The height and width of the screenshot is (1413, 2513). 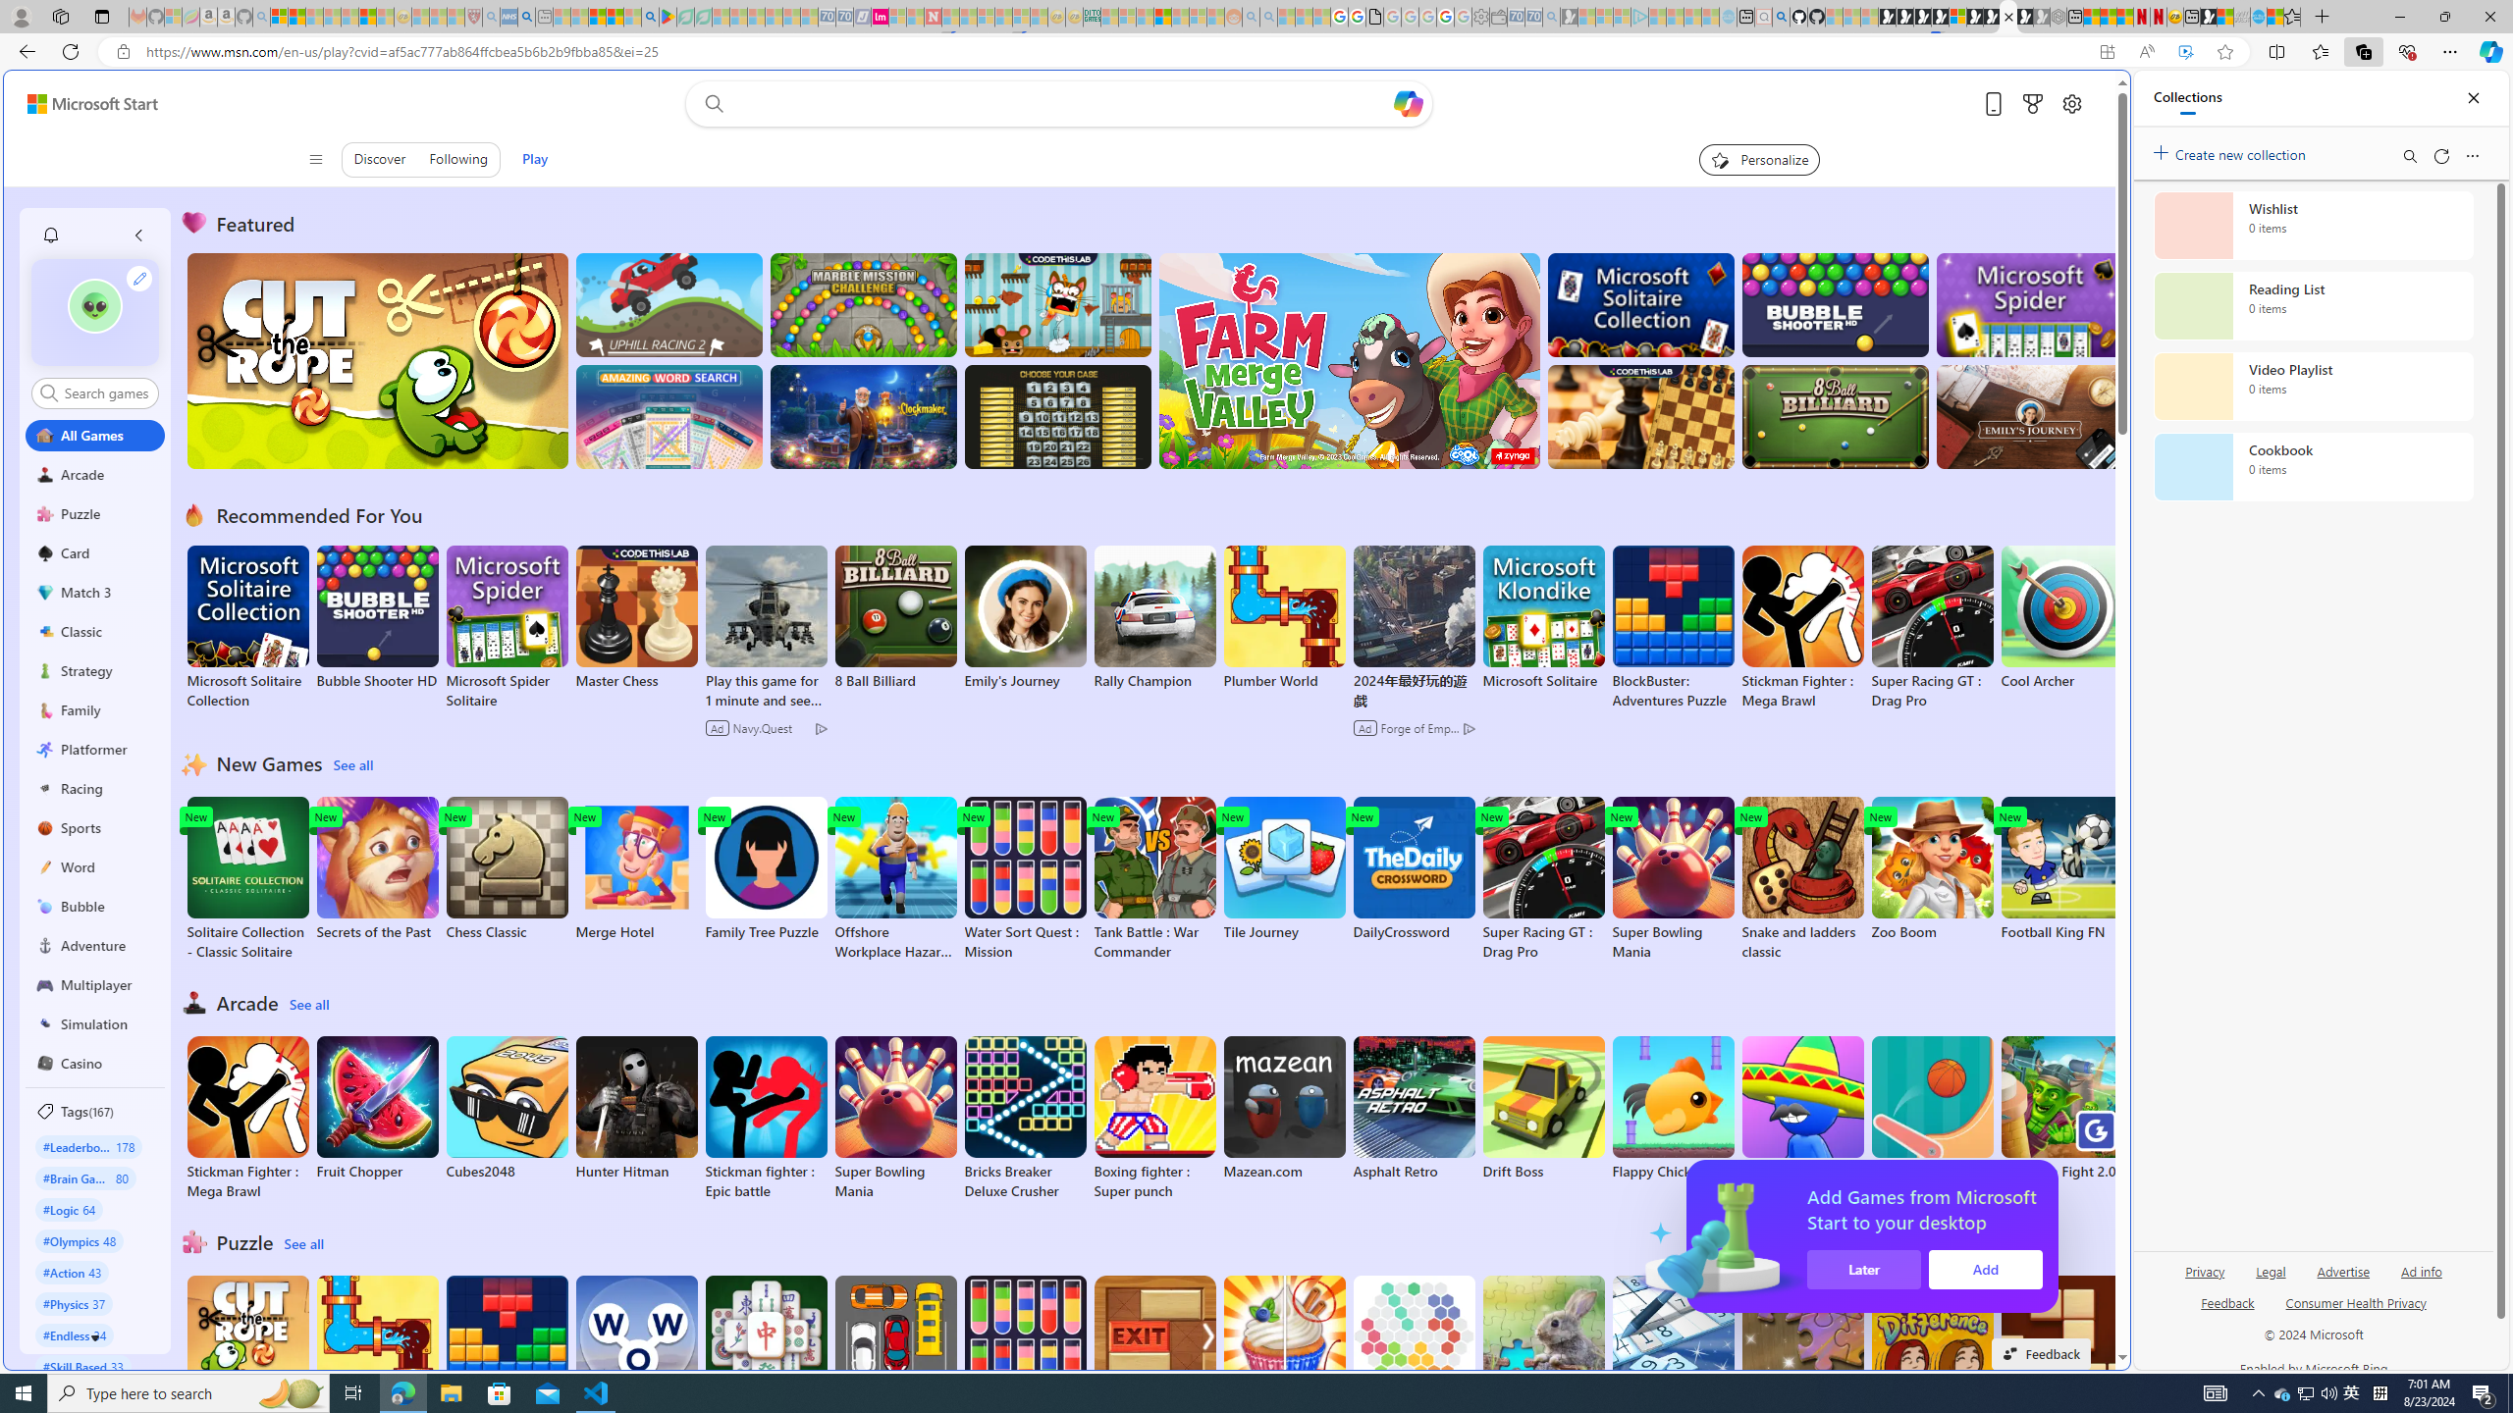 I want to click on 'Football King FN', so click(x=2060, y=868).